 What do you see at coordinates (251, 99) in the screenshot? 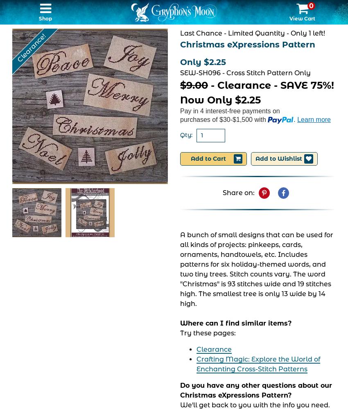
I see `'2.25'` at bounding box center [251, 99].